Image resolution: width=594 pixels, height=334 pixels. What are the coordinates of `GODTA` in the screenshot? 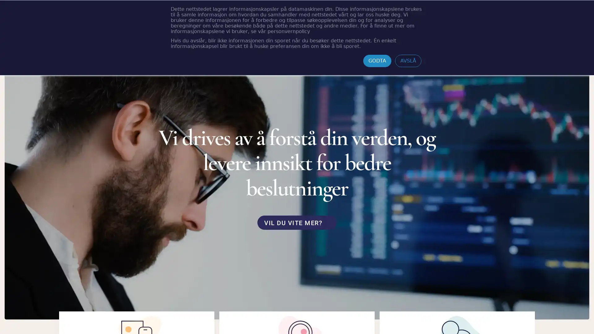 It's located at (377, 61).